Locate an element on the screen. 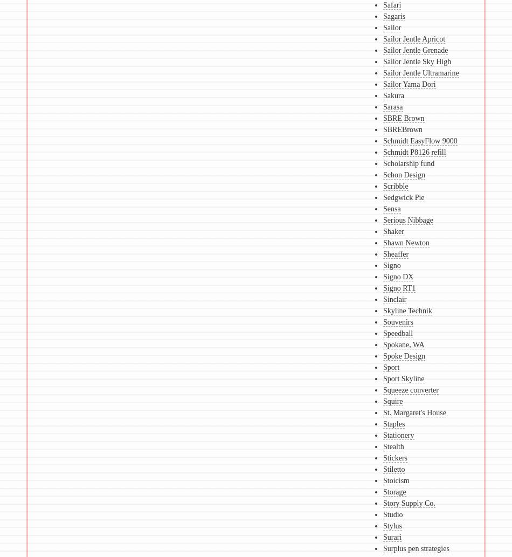 The height and width of the screenshot is (557, 512). 'Safari' is located at coordinates (391, 5).